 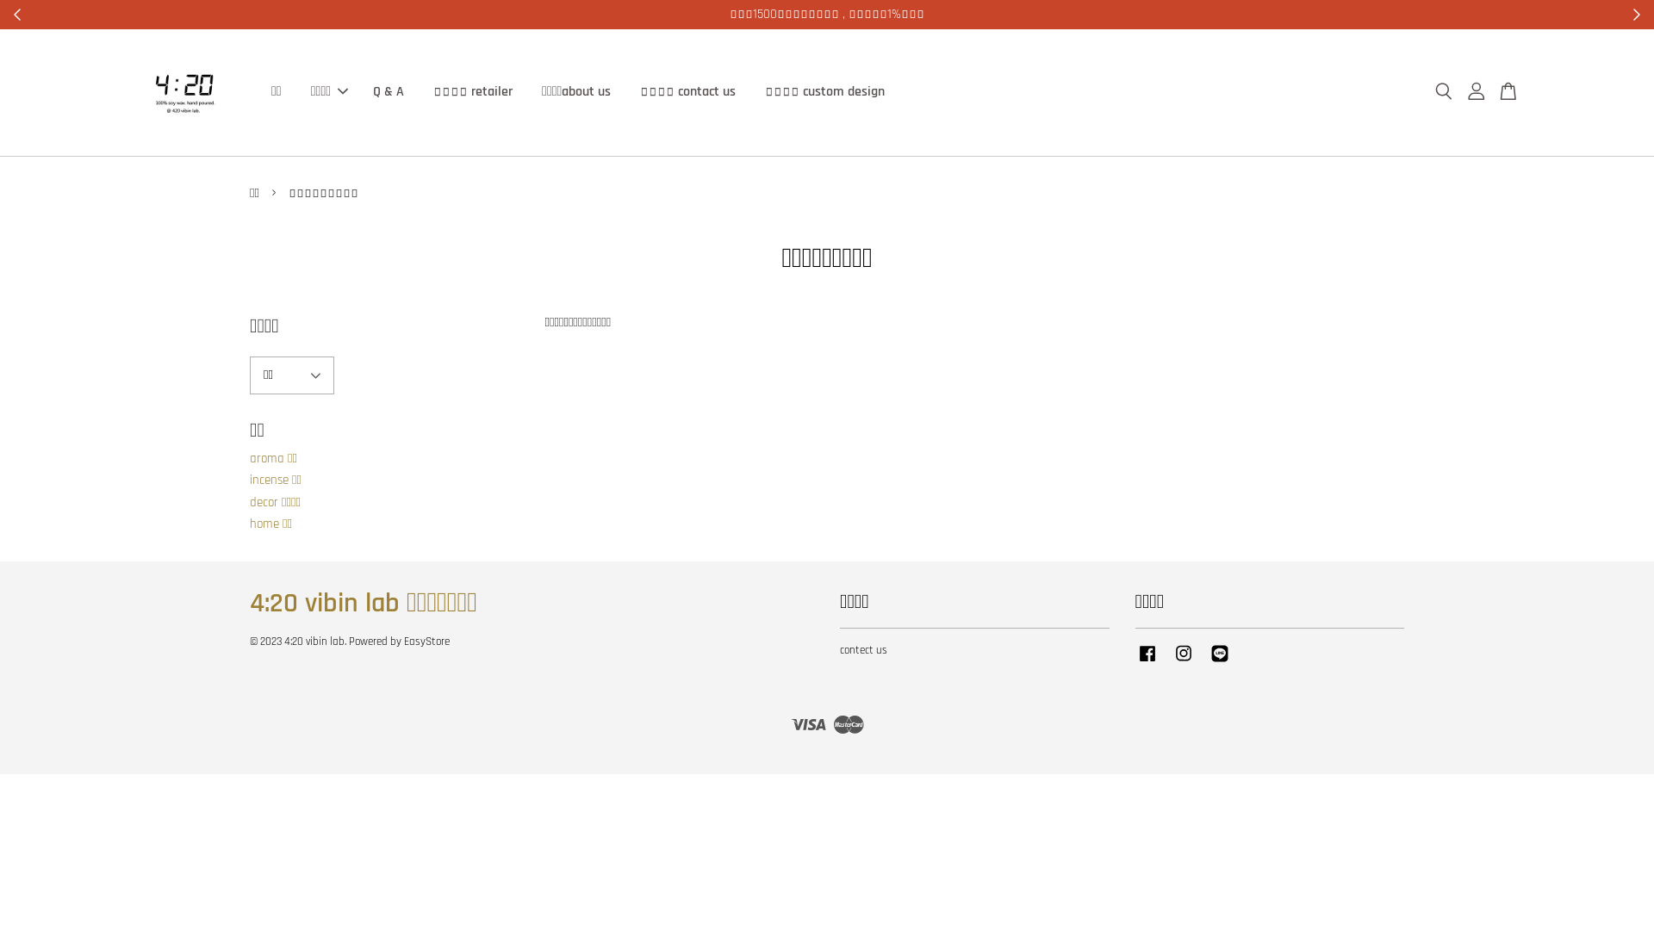 I want to click on 'contect us', so click(x=863, y=650).